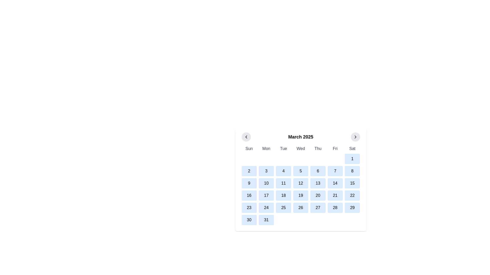 This screenshot has width=490, height=275. I want to click on the rectangular blue button with rounded corners that displays the number '15' in bold text, located in the fourth row and seventh column of the calendar grid, so click(352, 183).